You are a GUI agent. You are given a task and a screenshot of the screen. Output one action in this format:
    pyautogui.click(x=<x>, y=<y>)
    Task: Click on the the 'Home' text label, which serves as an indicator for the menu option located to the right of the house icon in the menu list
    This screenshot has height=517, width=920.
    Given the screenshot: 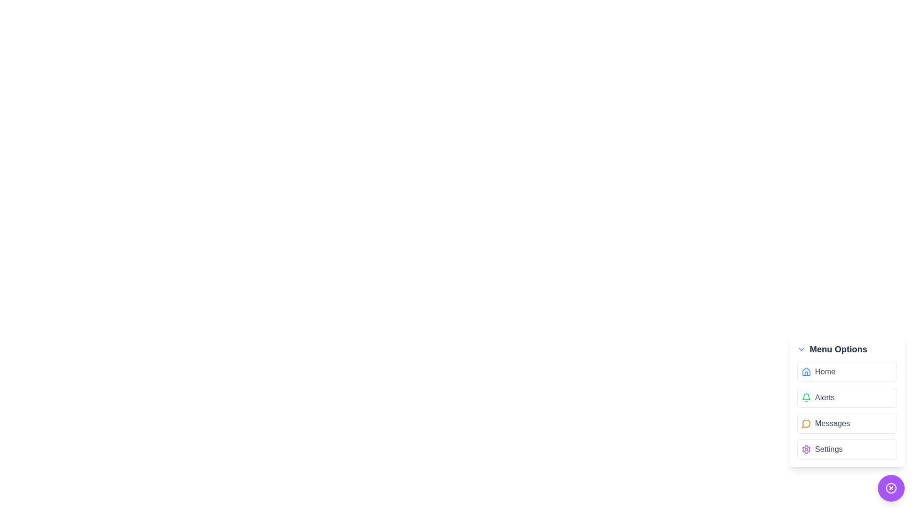 What is the action you would take?
    pyautogui.click(x=825, y=371)
    